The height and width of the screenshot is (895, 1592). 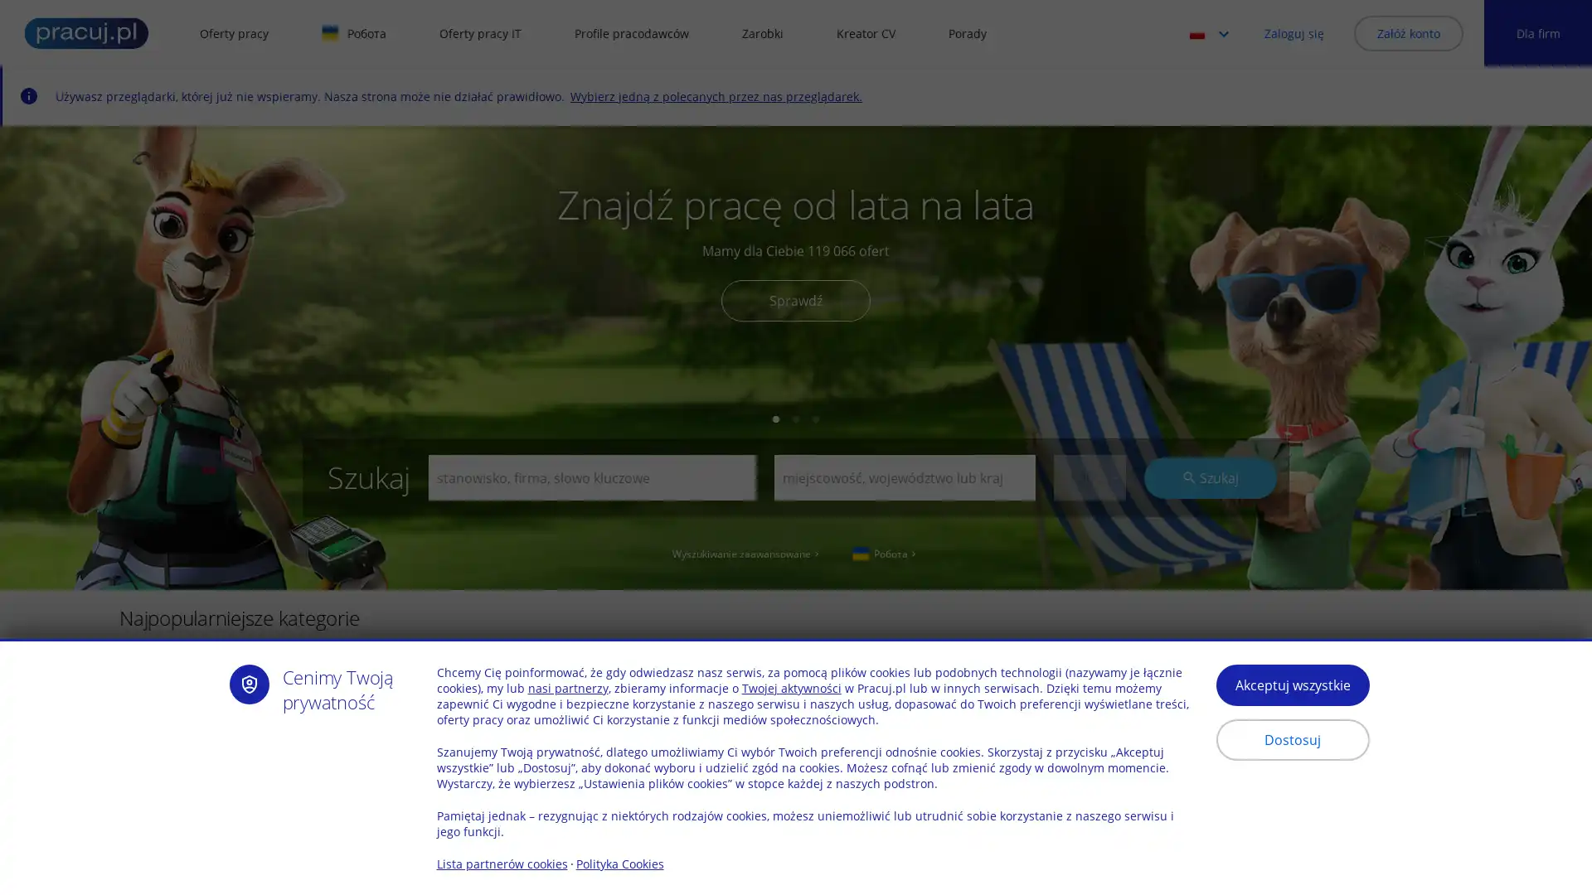 I want to click on + 45 km, so click(x=1089, y=735).